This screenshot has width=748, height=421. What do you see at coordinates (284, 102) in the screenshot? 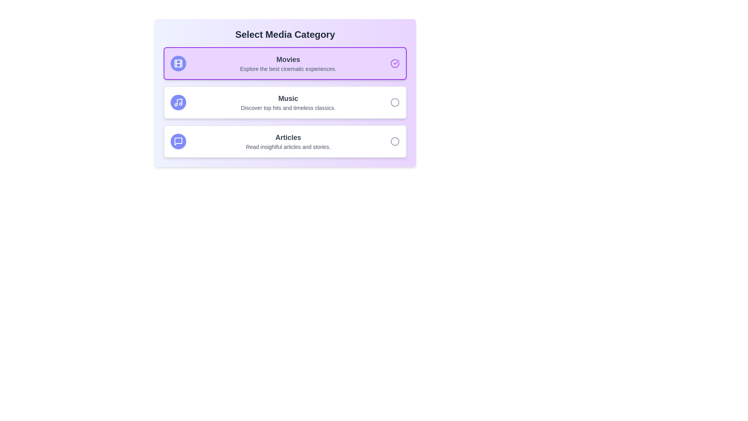
I see `the second block of the List item under the 'Select Media Category' section to access further details` at bounding box center [284, 102].